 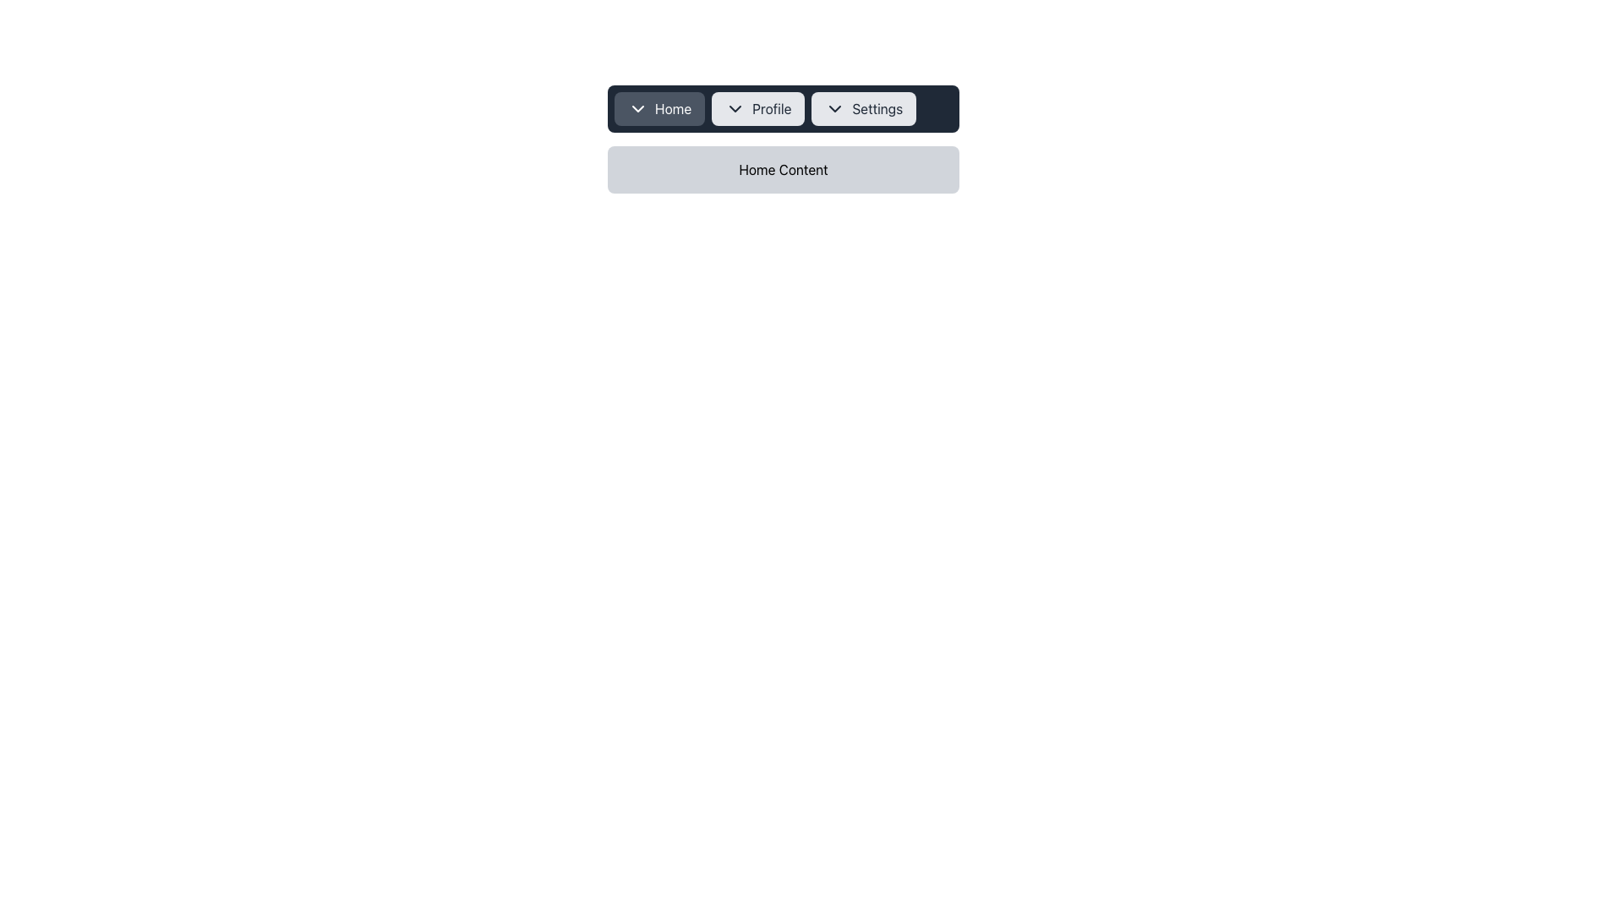 What do you see at coordinates (637, 108) in the screenshot?
I see `the downward-facing arrow icon (chevron-down) located to the left of the 'Home' label` at bounding box center [637, 108].